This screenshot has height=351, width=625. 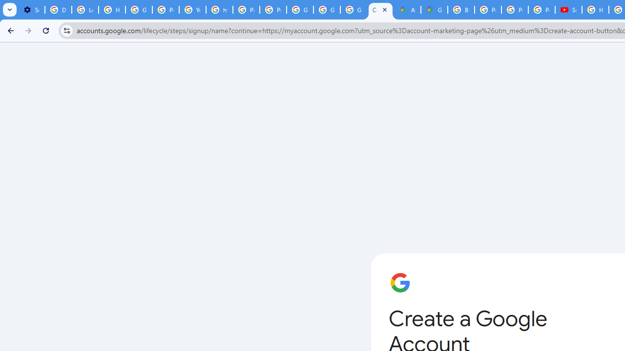 What do you see at coordinates (192, 10) in the screenshot?
I see `'YouTube'` at bounding box center [192, 10].